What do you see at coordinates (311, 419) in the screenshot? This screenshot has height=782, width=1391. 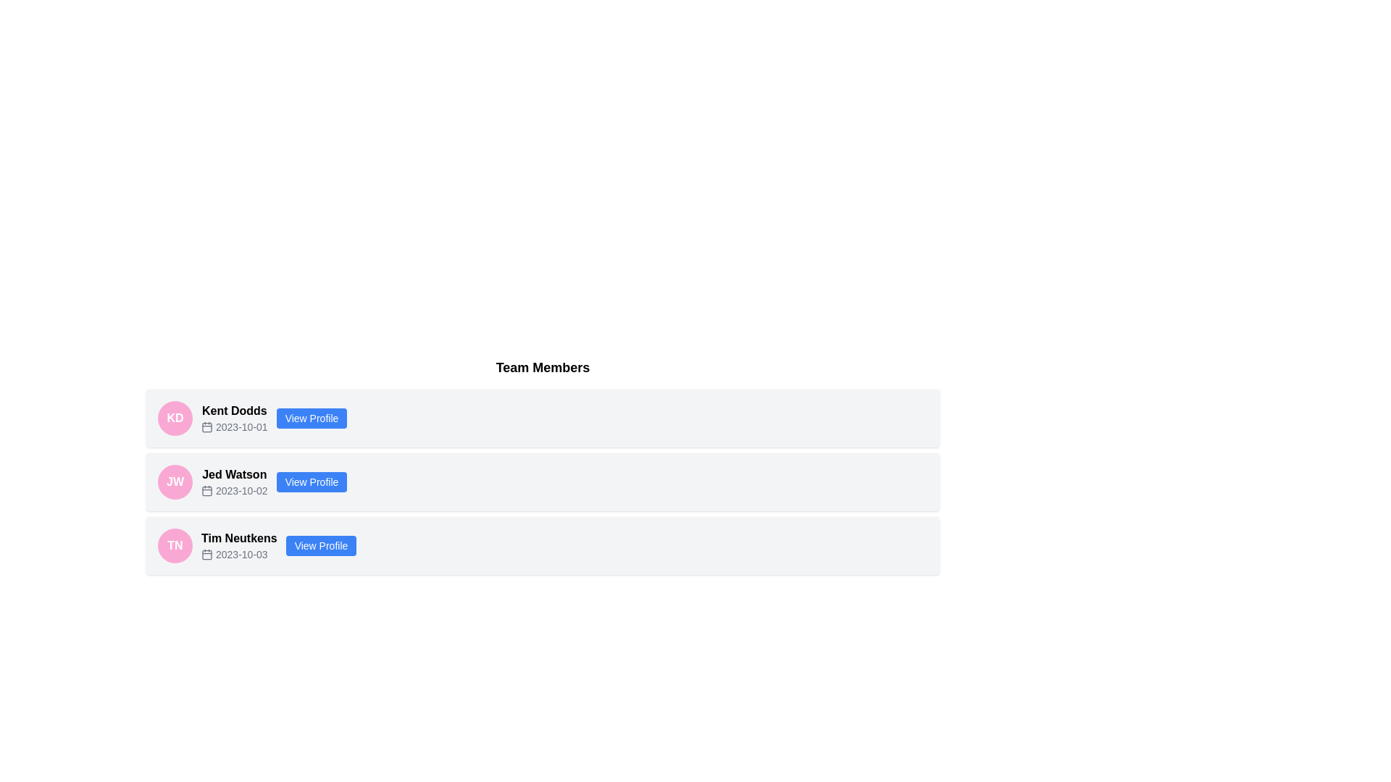 I see `the button located to the right of 'Kent Dodds' in the team member list to observe the hover effect` at bounding box center [311, 419].